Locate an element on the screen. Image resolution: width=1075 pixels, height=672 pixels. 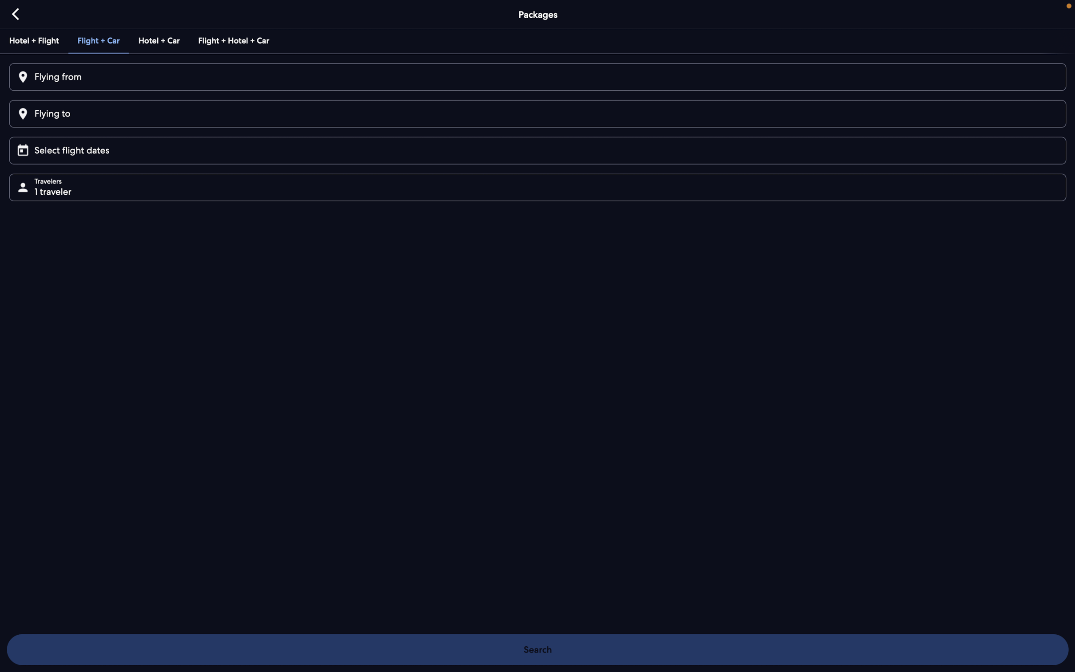
the comprehensive package including flight booking, hotel reservation, and car rental is located at coordinates (232, 40).